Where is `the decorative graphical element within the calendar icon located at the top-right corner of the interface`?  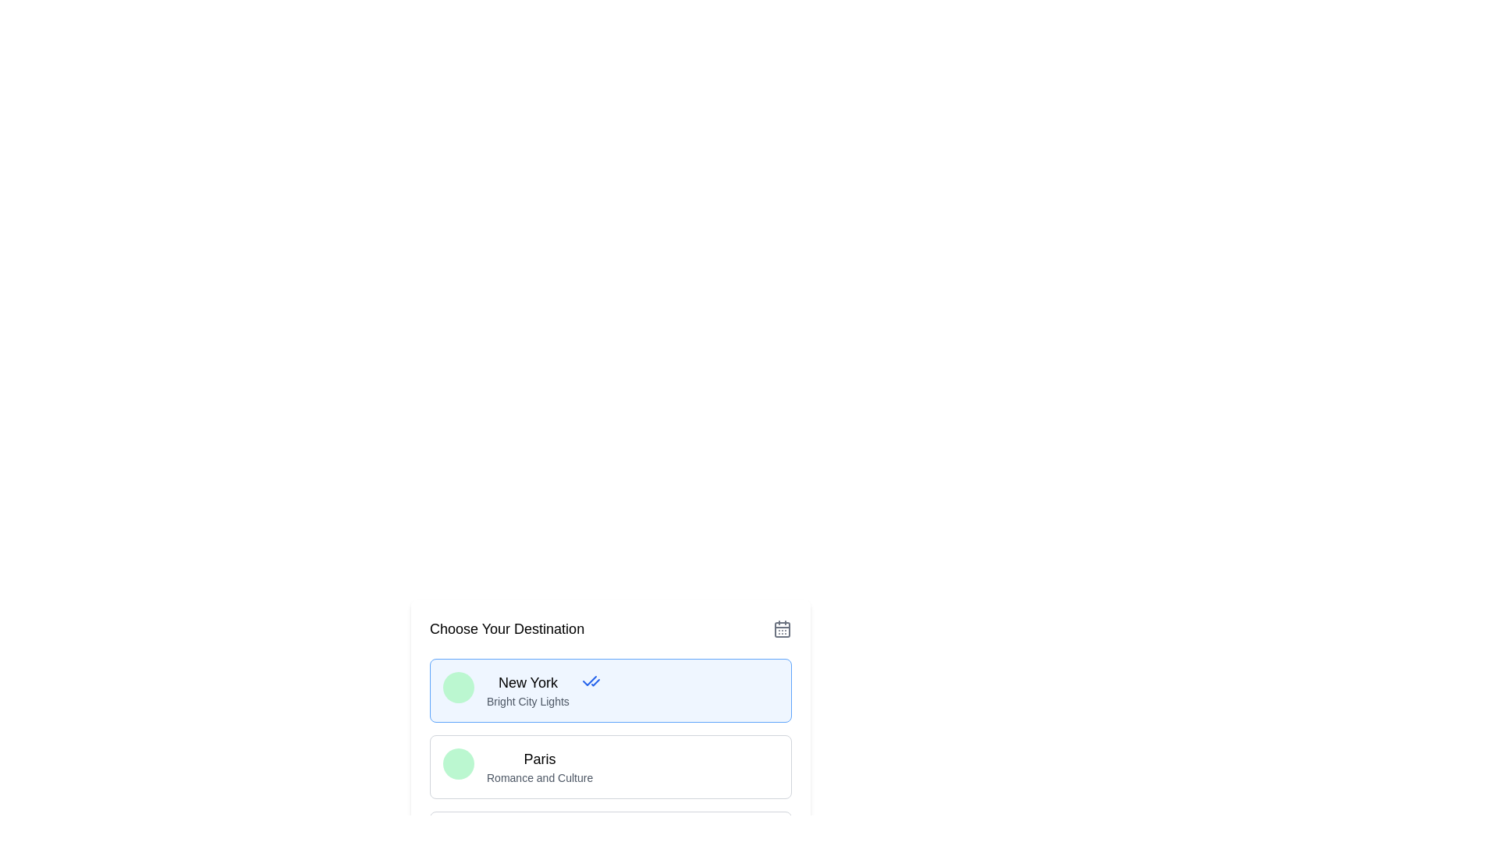
the decorative graphical element within the calendar icon located at the top-right corner of the interface is located at coordinates (783, 628).